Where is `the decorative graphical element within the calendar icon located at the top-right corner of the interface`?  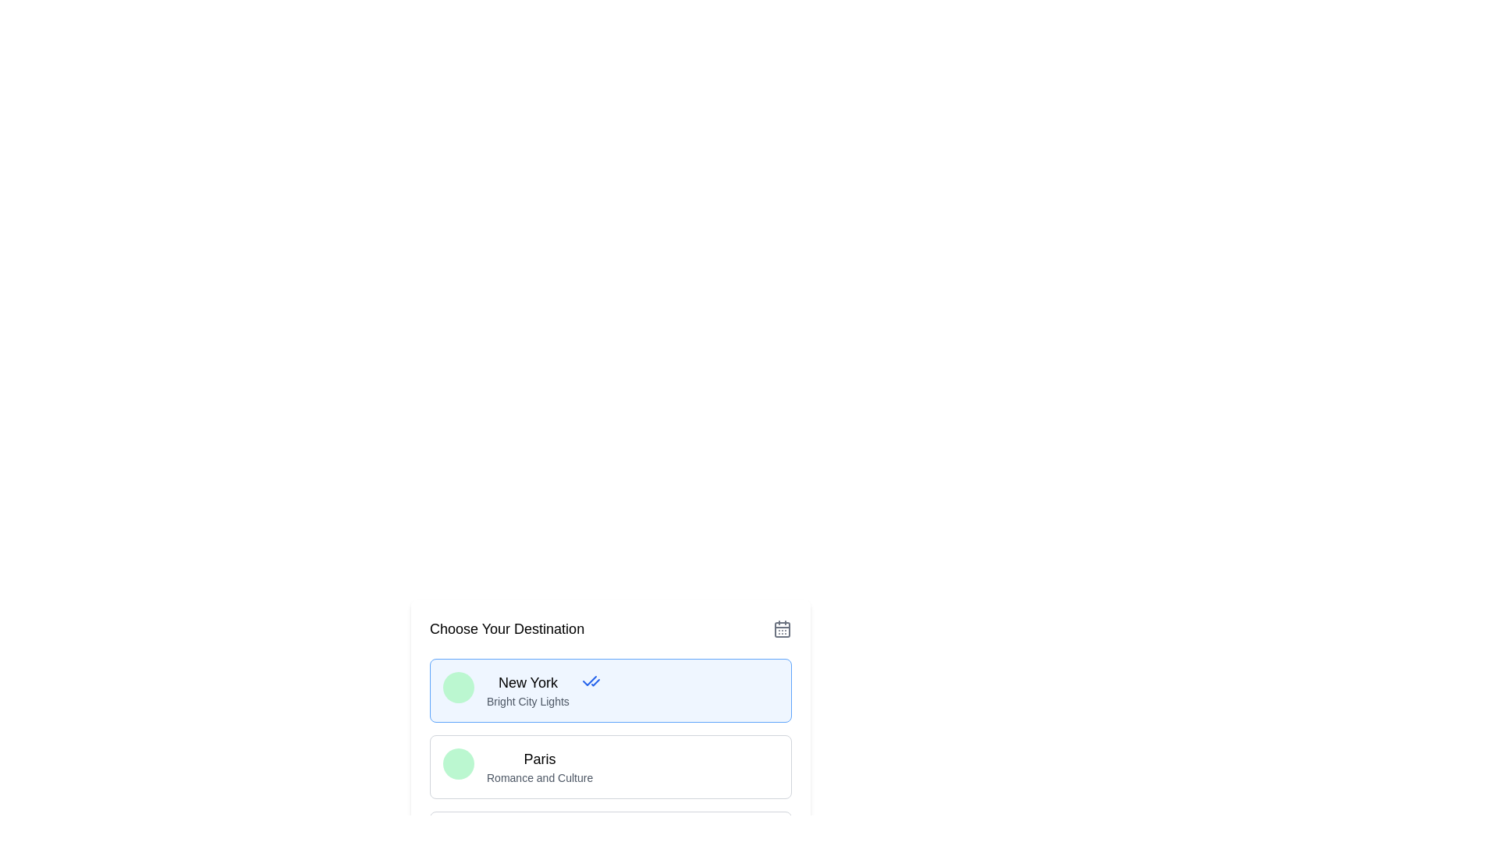
the decorative graphical element within the calendar icon located at the top-right corner of the interface is located at coordinates (783, 628).